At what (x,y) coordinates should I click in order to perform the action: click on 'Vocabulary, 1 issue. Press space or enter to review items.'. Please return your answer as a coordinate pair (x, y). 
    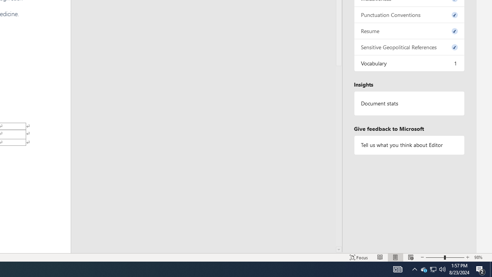
    Looking at the image, I should click on (409, 63).